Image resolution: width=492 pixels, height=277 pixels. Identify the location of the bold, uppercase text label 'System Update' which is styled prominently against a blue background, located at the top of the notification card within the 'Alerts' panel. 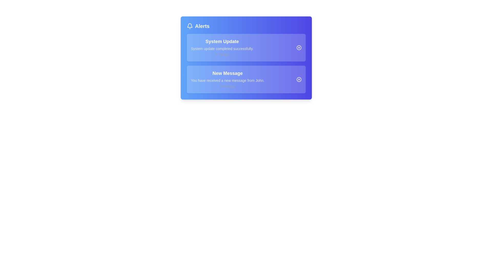
(222, 41).